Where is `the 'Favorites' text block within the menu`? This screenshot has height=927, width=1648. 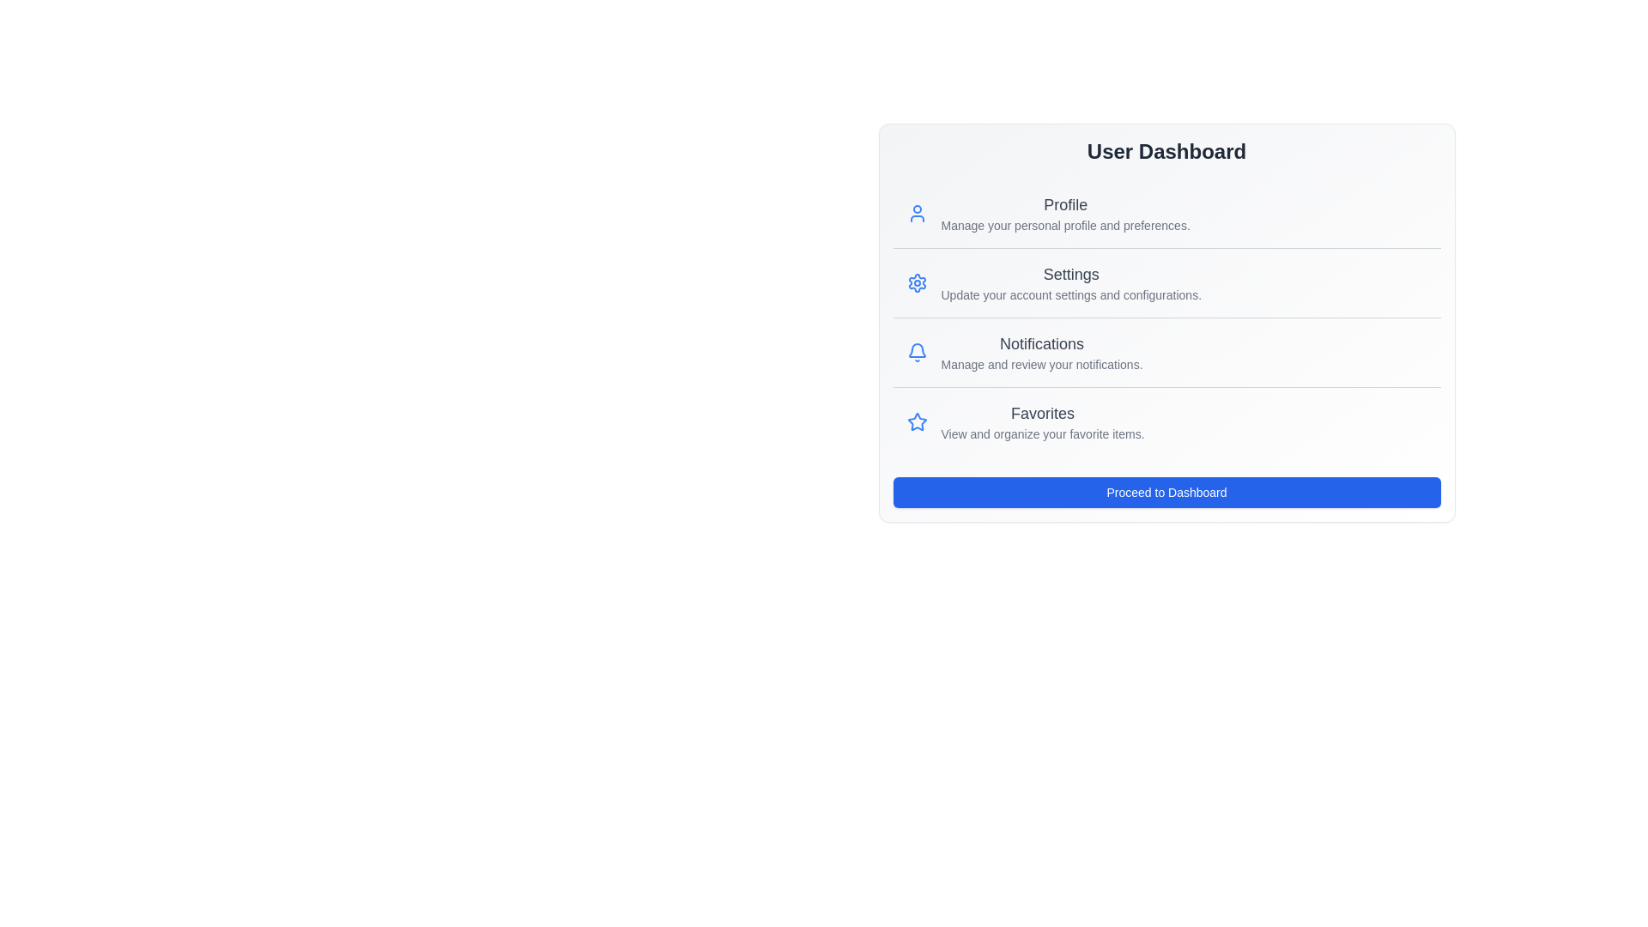 the 'Favorites' text block within the menu is located at coordinates (1041, 422).